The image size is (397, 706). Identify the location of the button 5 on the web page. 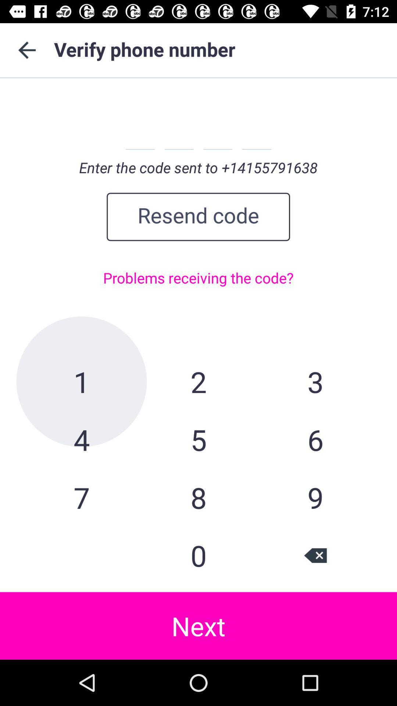
(198, 439).